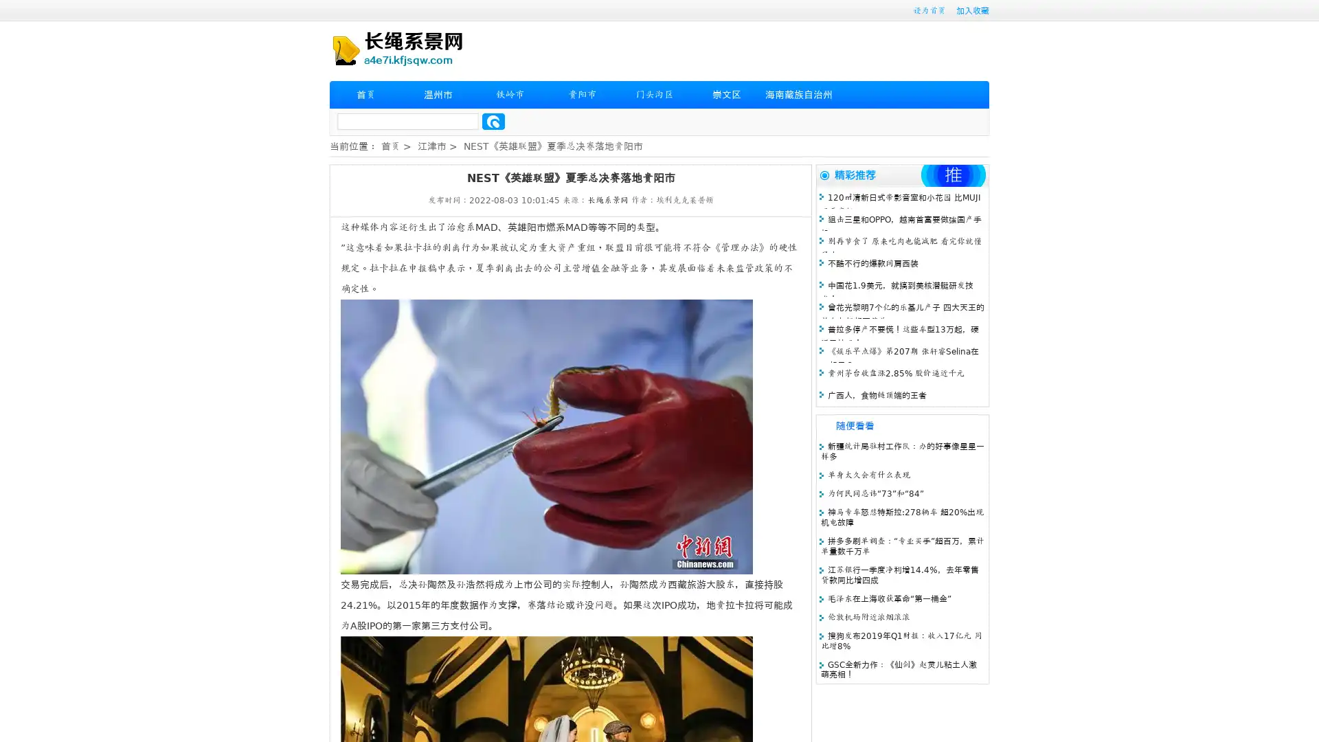 The height and width of the screenshot is (742, 1319). I want to click on Search, so click(493, 121).